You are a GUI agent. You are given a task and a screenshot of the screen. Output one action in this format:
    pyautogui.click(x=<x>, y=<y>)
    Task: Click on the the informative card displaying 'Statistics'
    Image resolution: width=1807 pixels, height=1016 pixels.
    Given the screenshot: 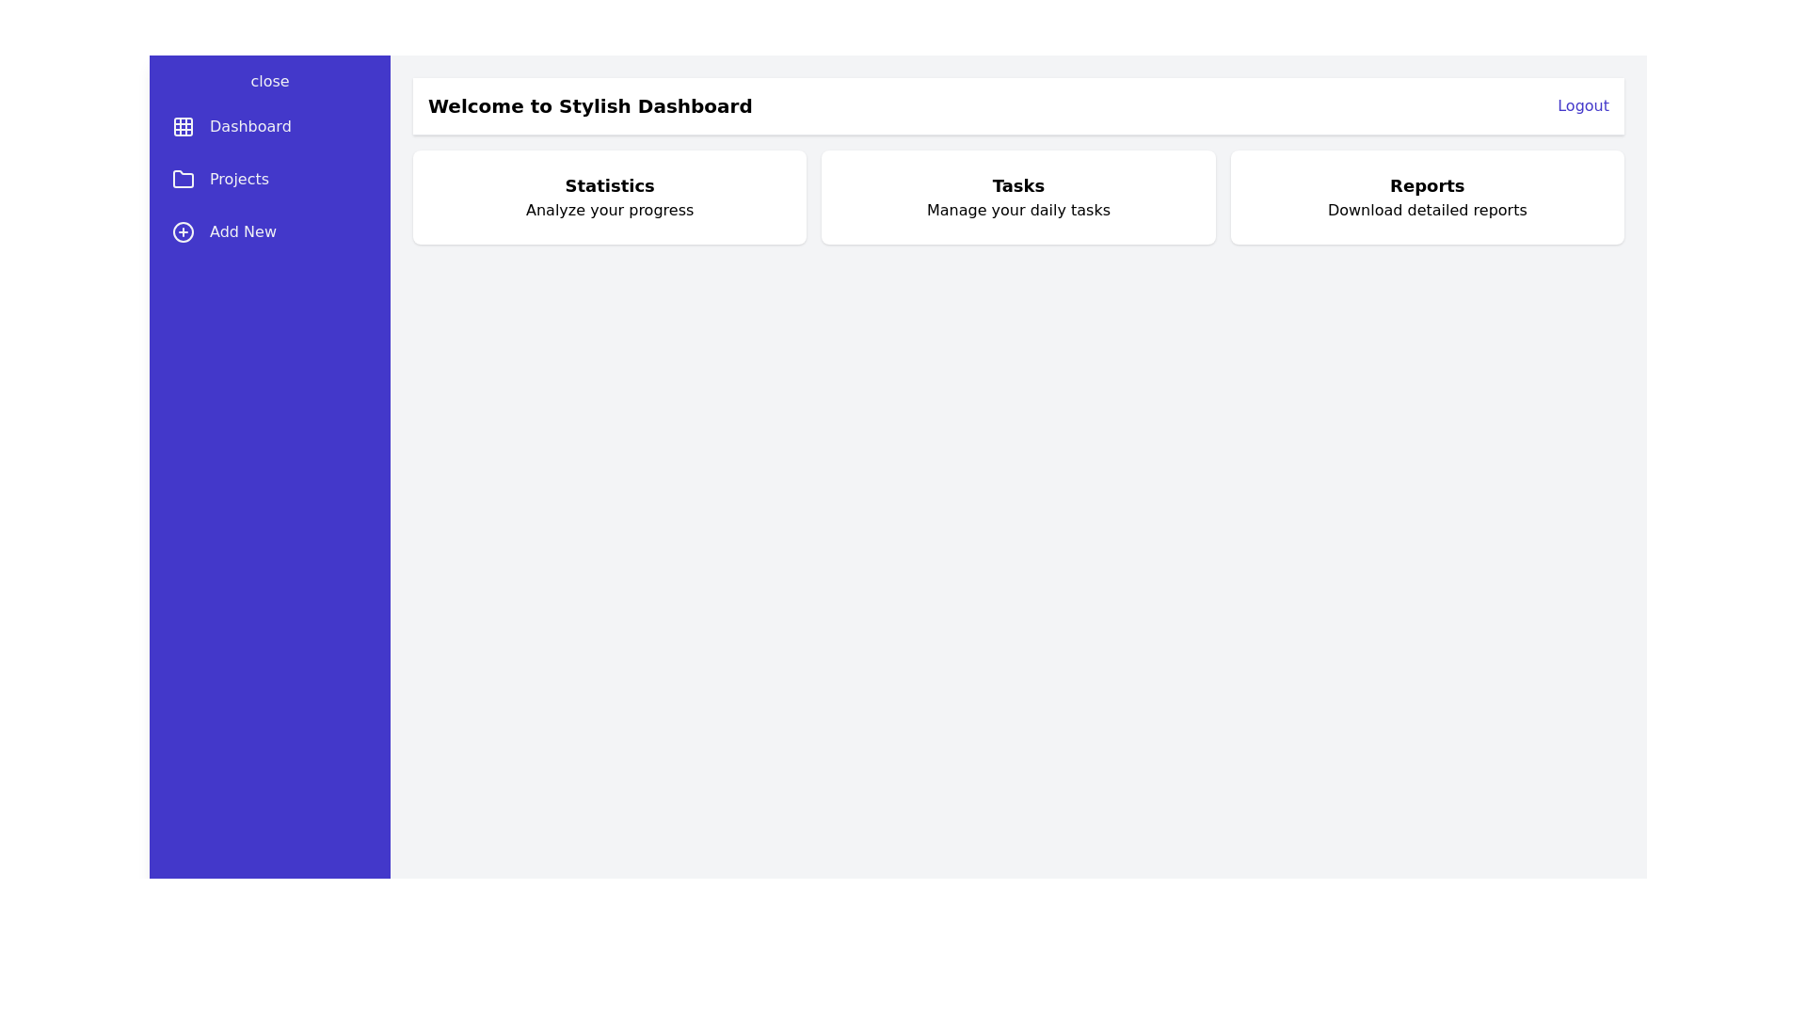 What is the action you would take?
    pyautogui.click(x=610, y=197)
    